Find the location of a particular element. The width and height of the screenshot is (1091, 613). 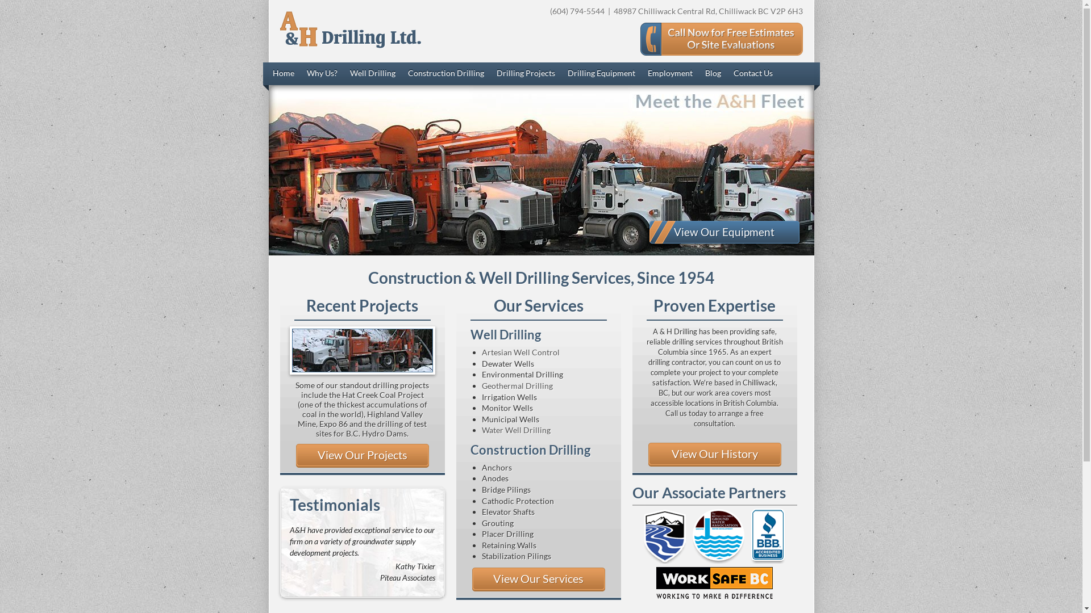

'Why Us?' is located at coordinates (321, 74).